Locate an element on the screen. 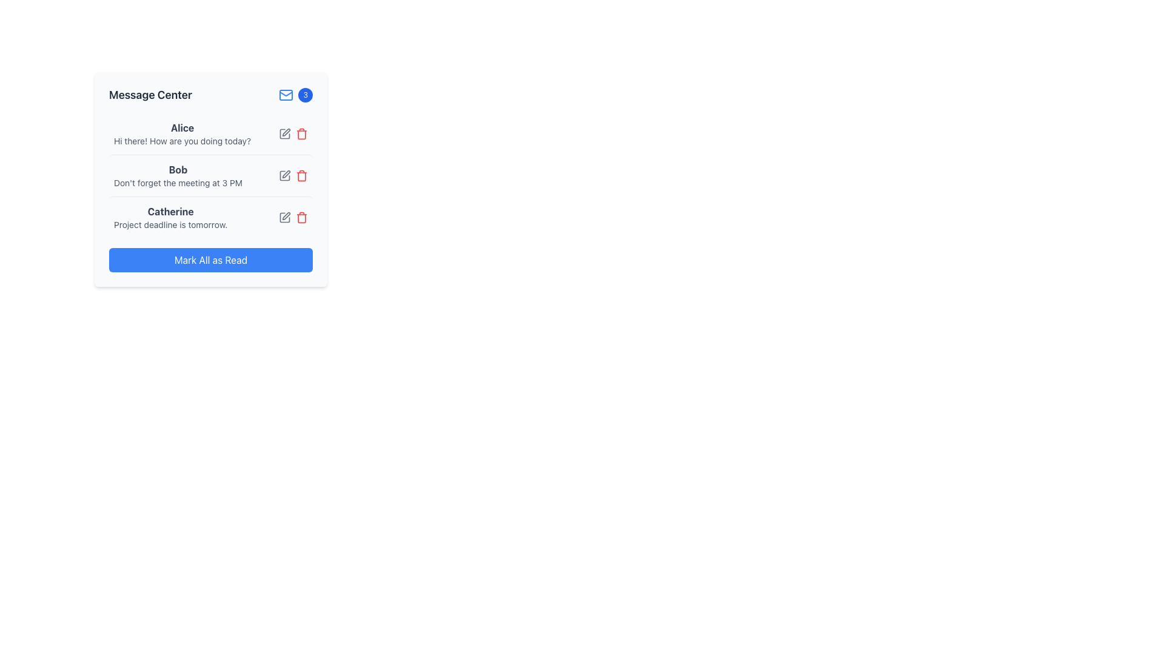  the edit button icon next to Bob's message to change its color is located at coordinates (286, 174).